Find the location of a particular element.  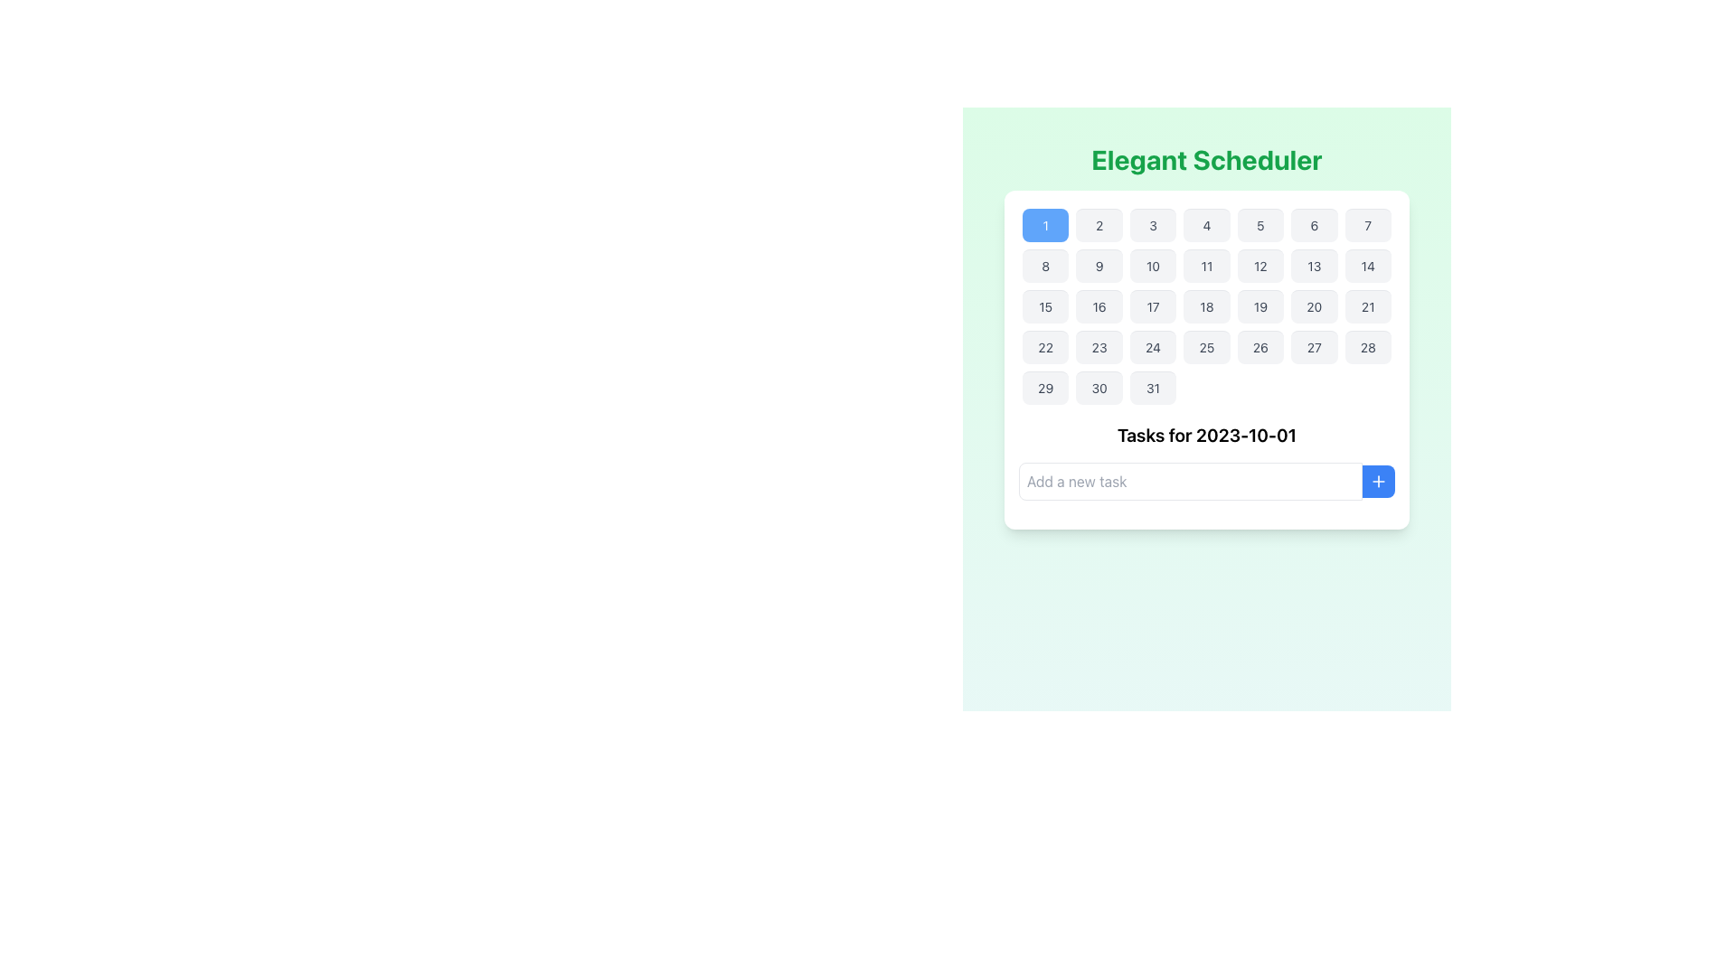

the calendar date button located in the sixth row and seventh column of the grid is located at coordinates (1368, 347).